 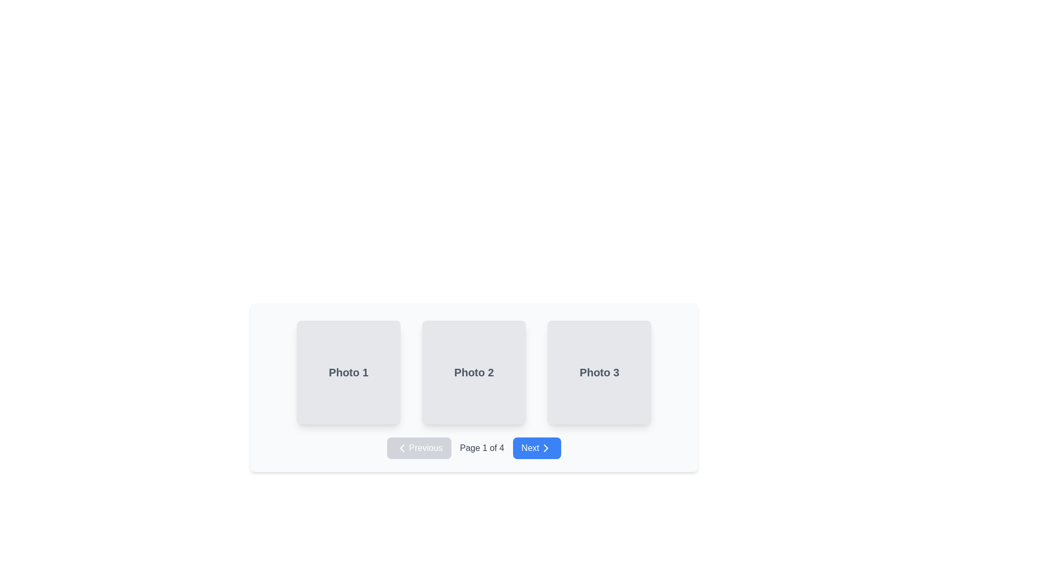 What do you see at coordinates (474, 372) in the screenshot?
I see `text displayed in the bold, large font label that reads 'Photo 2', which is centrally aligned within the second card of a horizontal row of three cards` at bounding box center [474, 372].